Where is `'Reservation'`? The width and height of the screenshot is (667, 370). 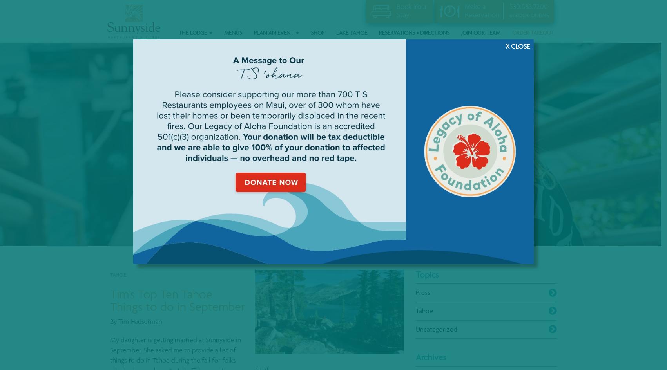 'Reservation' is located at coordinates (482, 14).